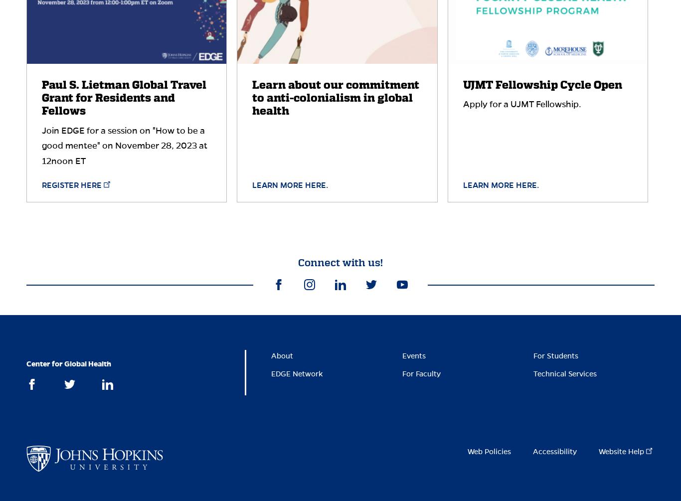 Image resolution: width=681 pixels, height=501 pixels. Describe the element at coordinates (541, 84) in the screenshot. I see `'UJMT Fellowship Cycle Open'` at that location.